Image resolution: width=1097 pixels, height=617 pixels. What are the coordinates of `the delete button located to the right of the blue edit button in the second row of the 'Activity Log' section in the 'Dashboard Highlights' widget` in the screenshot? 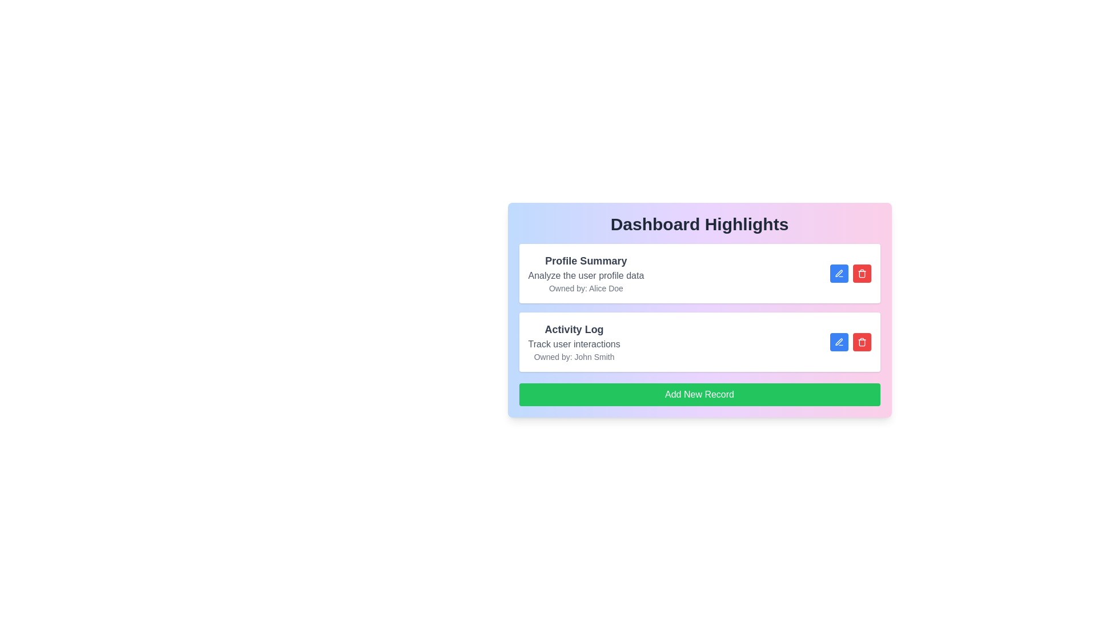 It's located at (862, 273).